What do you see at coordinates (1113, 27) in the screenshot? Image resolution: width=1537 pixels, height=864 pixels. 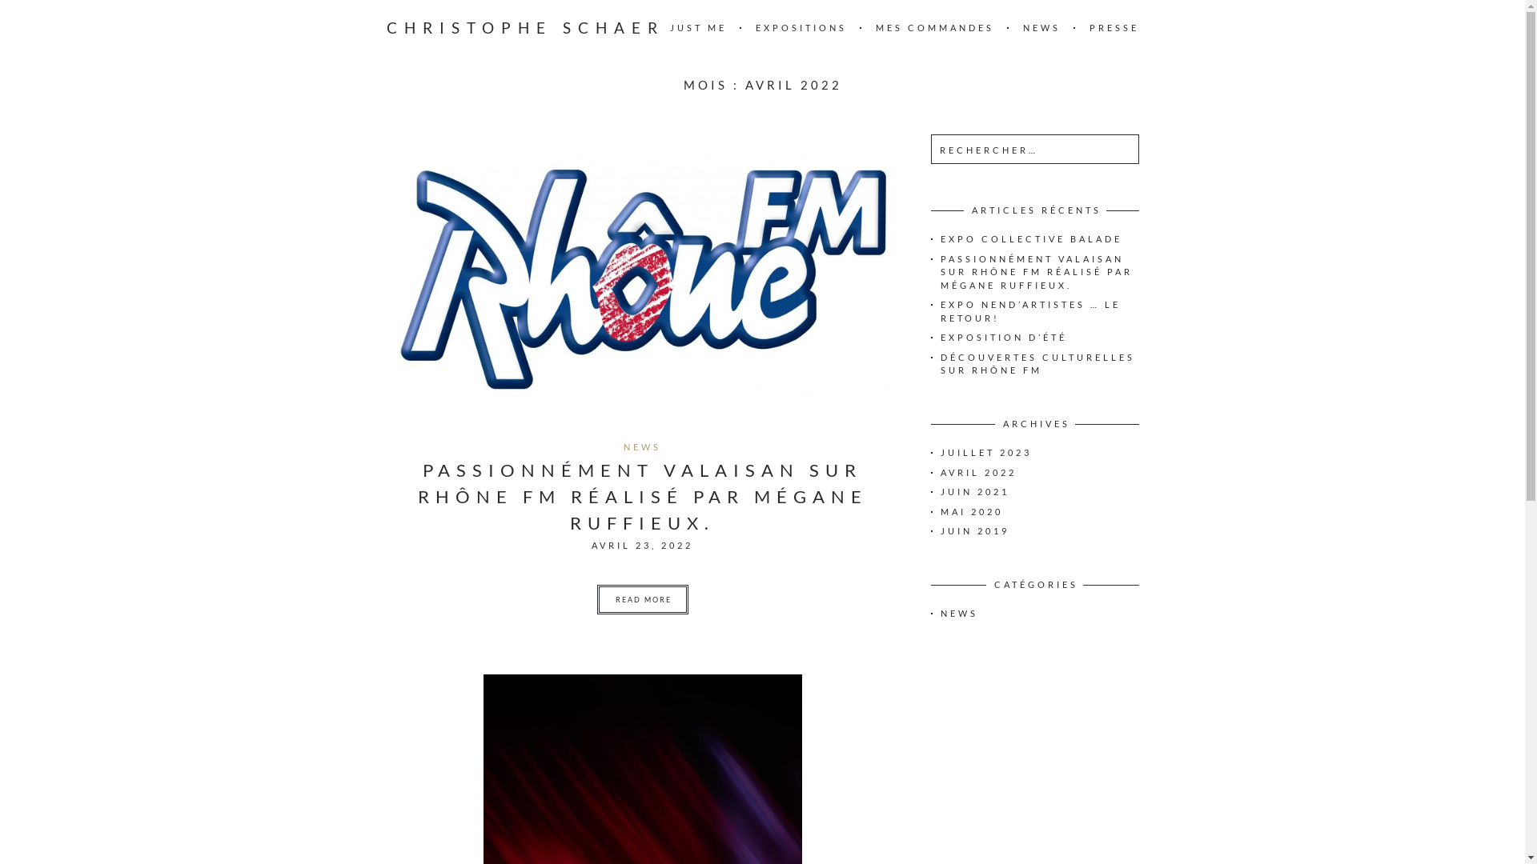 I see `'PRESSE'` at bounding box center [1113, 27].